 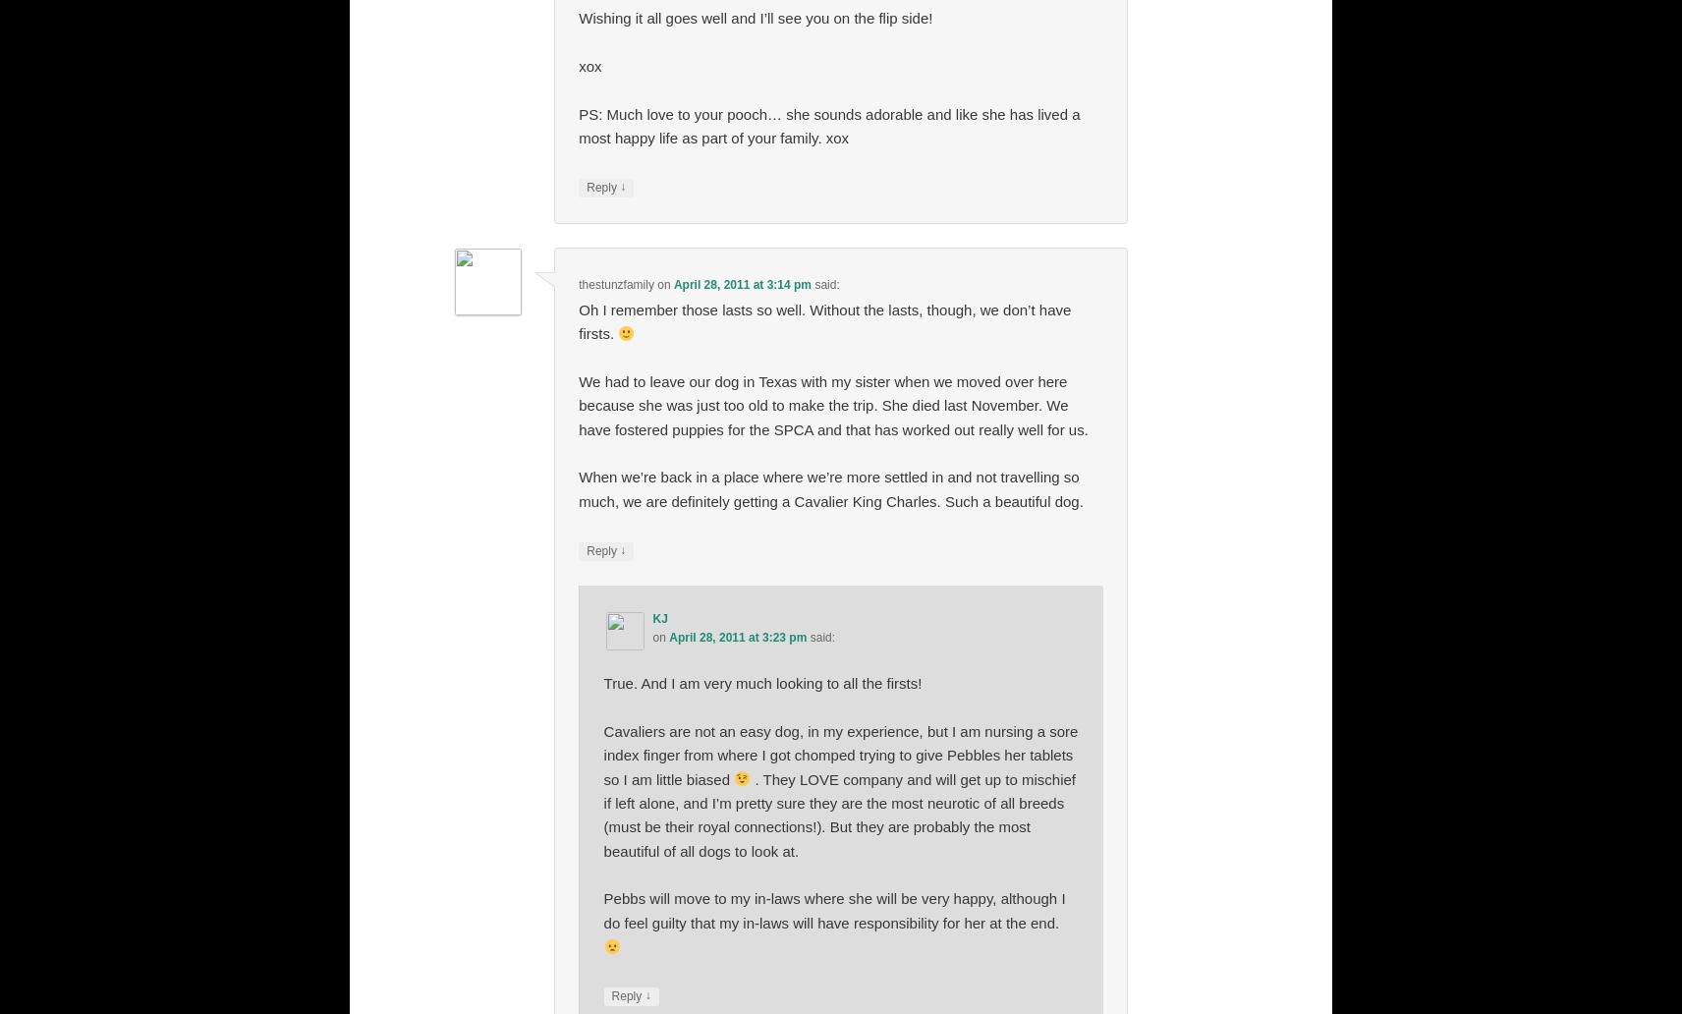 I want to click on 'Wishing it all goes well and I’ll see you on the flip side!', so click(x=756, y=18).